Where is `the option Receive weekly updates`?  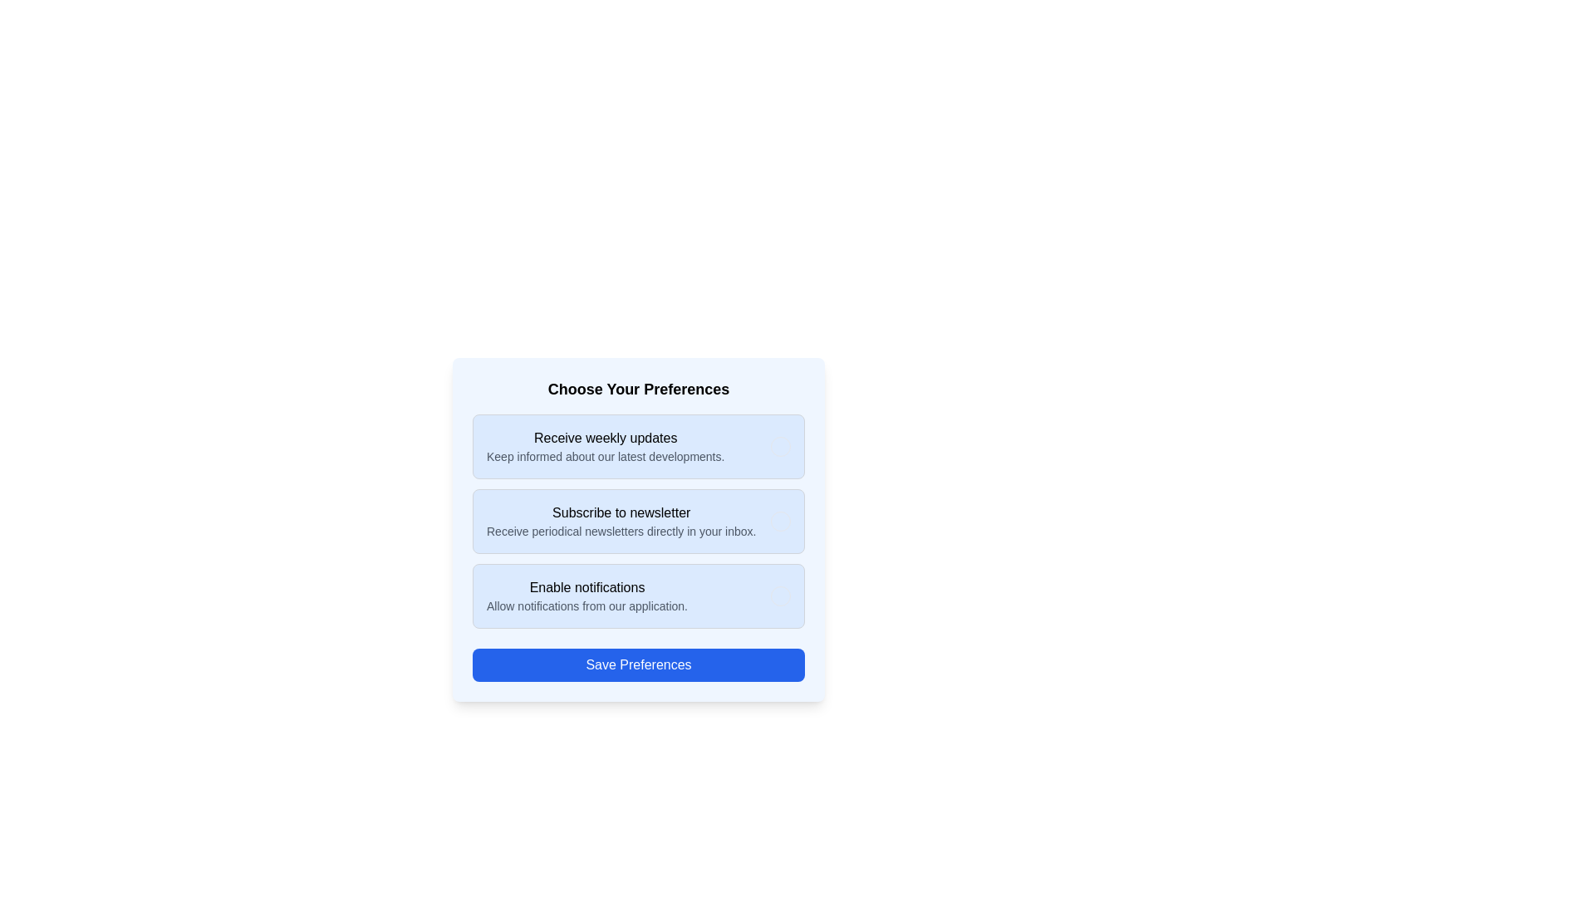
the option Receive weekly updates is located at coordinates (780, 445).